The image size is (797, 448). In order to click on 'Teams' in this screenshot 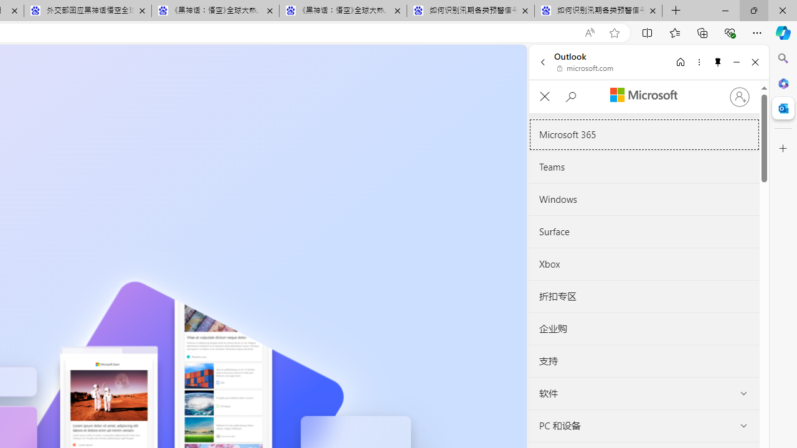, I will do `click(644, 166)`.